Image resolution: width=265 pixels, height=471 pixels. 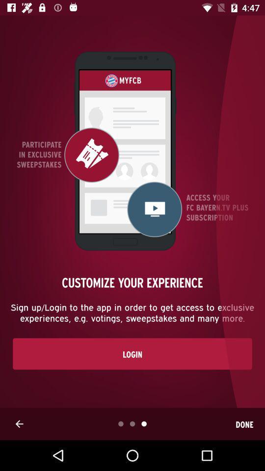 What do you see at coordinates (19, 423) in the screenshot?
I see `the arrow_backward icon` at bounding box center [19, 423].